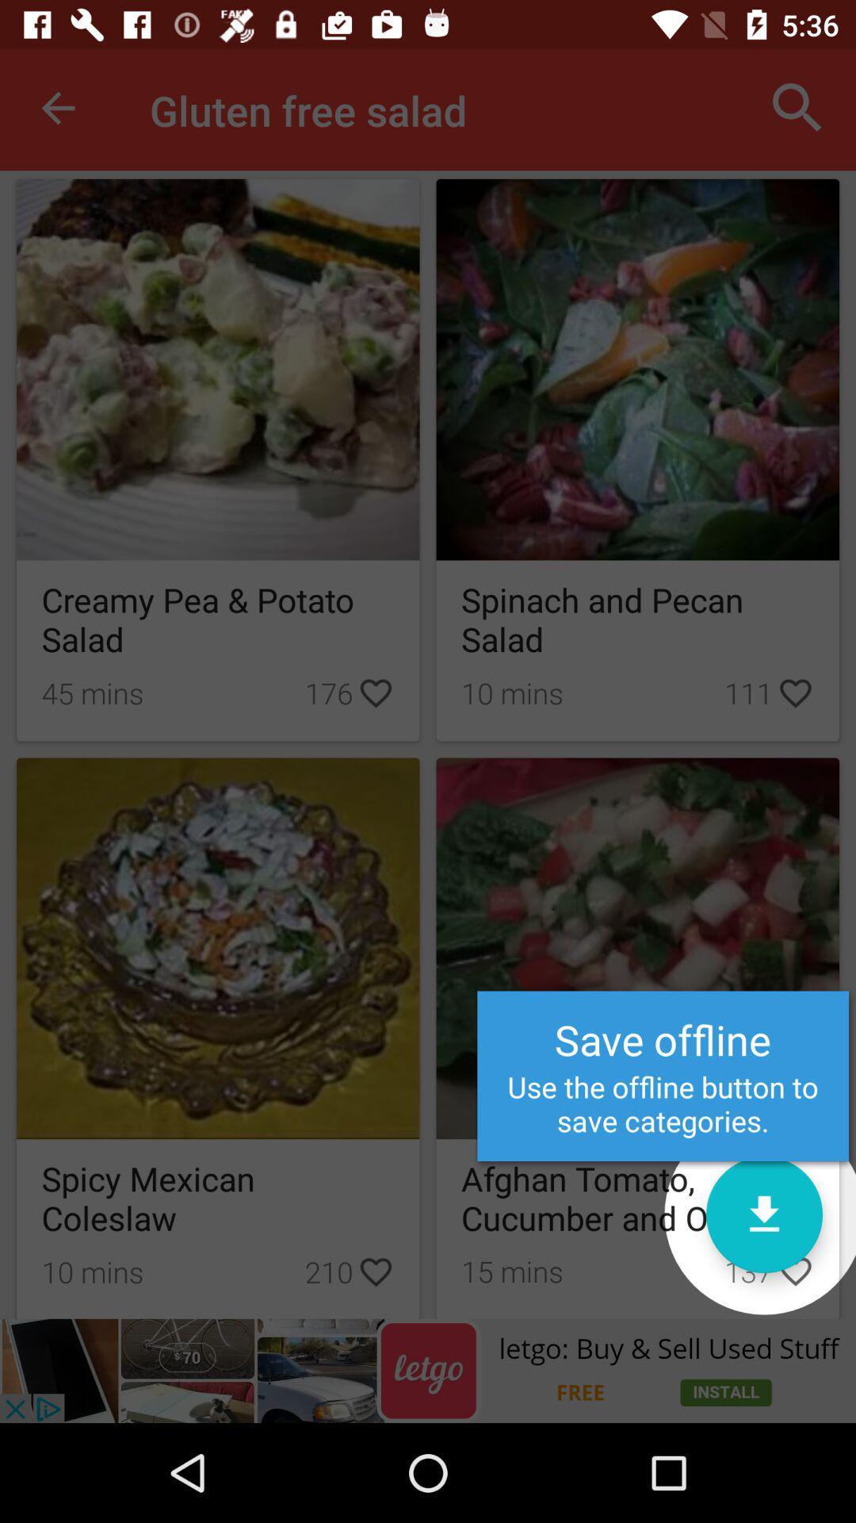  What do you see at coordinates (218, 459) in the screenshot?
I see `the first box` at bounding box center [218, 459].